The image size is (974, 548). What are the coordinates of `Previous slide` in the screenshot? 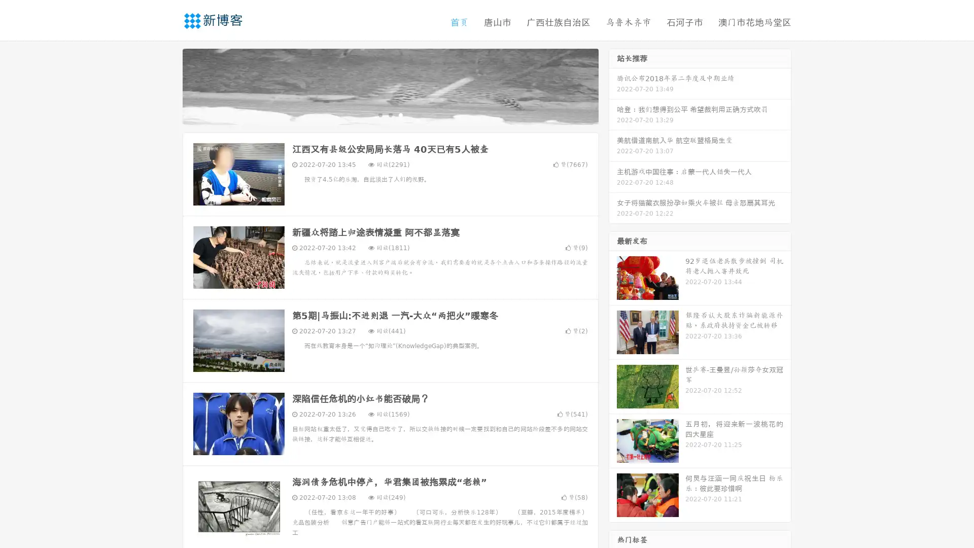 It's located at (167, 85).